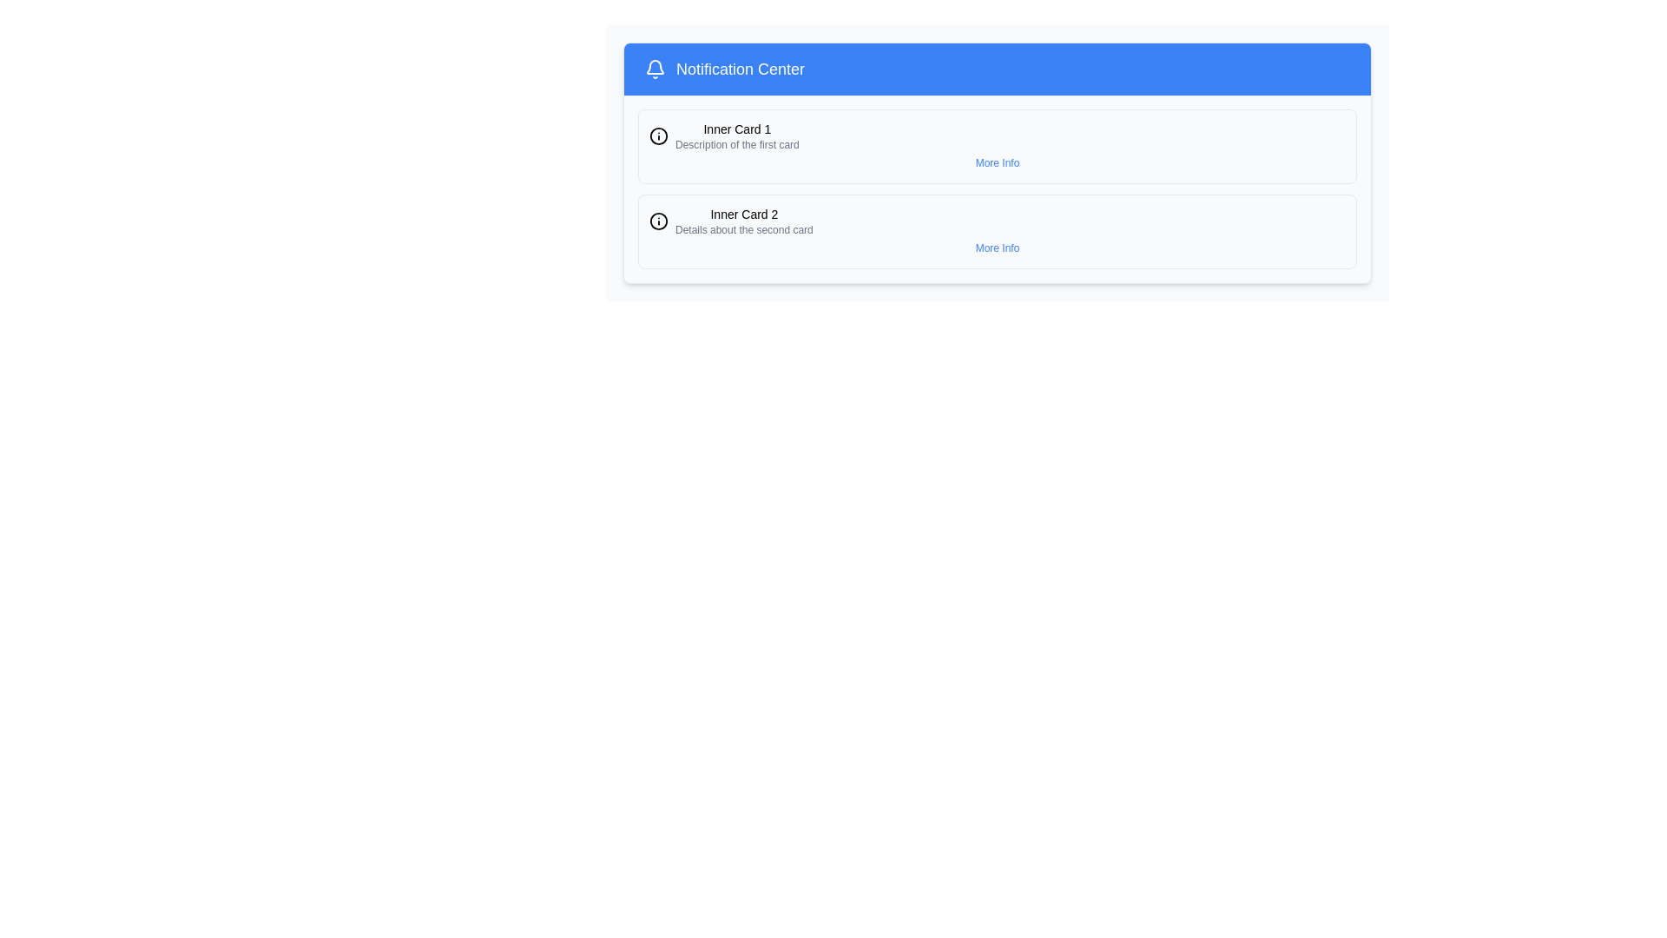 The height and width of the screenshot is (938, 1667). Describe the element at coordinates (744, 220) in the screenshot. I see `the Text block that serves as a descriptive section header for the second card in the notification list, located under 'Inner Card 1'` at that location.